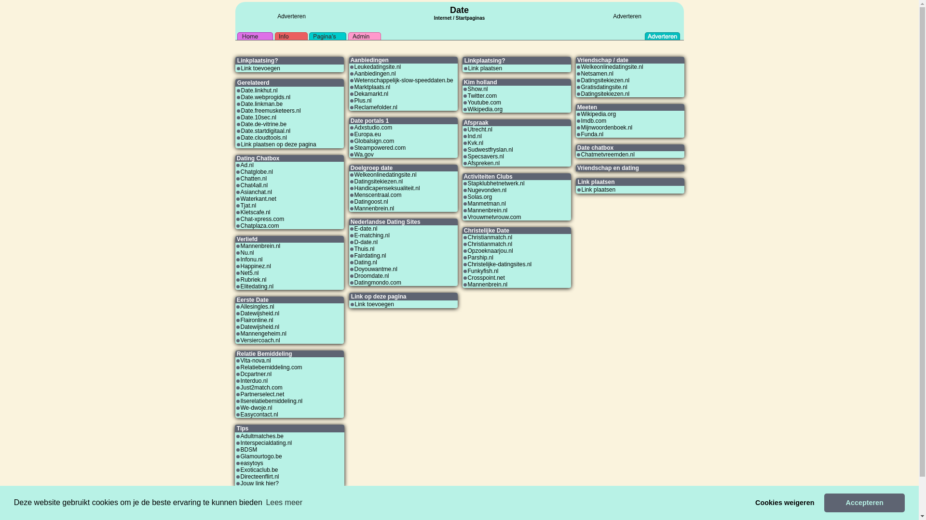 This screenshot has height=520, width=926. Describe the element at coordinates (365, 228) in the screenshot. I see `'E-date.nl'` at that location.